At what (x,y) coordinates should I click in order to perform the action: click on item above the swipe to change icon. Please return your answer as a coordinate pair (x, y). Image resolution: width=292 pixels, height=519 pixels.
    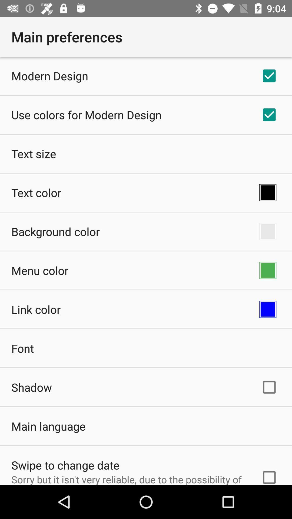
    Looking at the image, I should click on (48, 426).